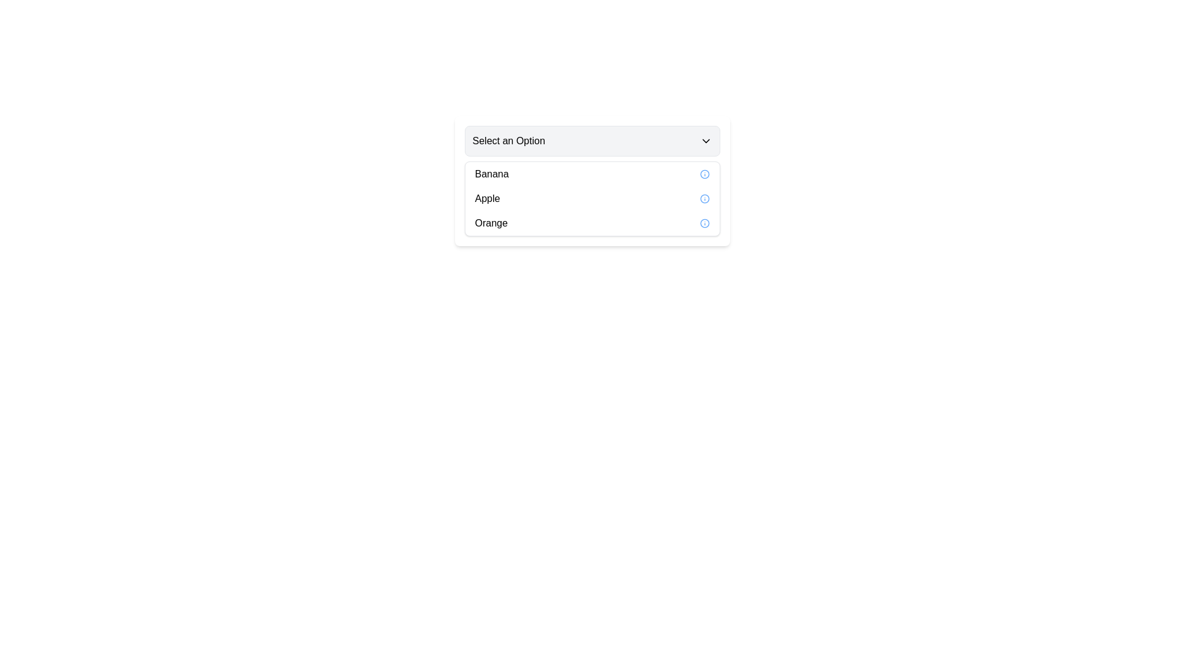 The height and width of the screenshot is (663, 1179). I want to click on the Dropdown Menu options displaying 'Banana', 'Apple', and 'Orange', so click(592, 198).